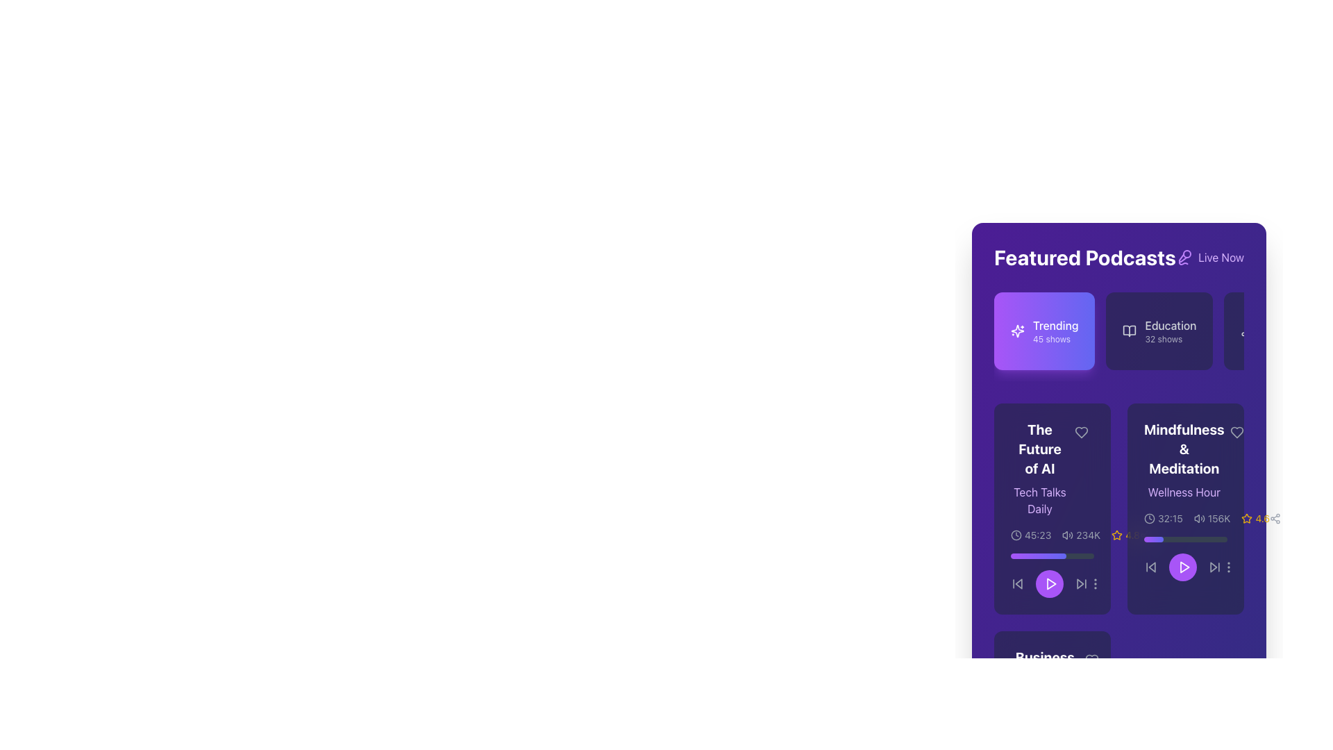 This screenshot has width=1333, height=750. I want to click on the decorative icon located to the left of the text 'Trending 45 shows' inside the highlighted purple card labeled 'Trending' in the 'Featured Podcasts' section, so click(1017, 331).